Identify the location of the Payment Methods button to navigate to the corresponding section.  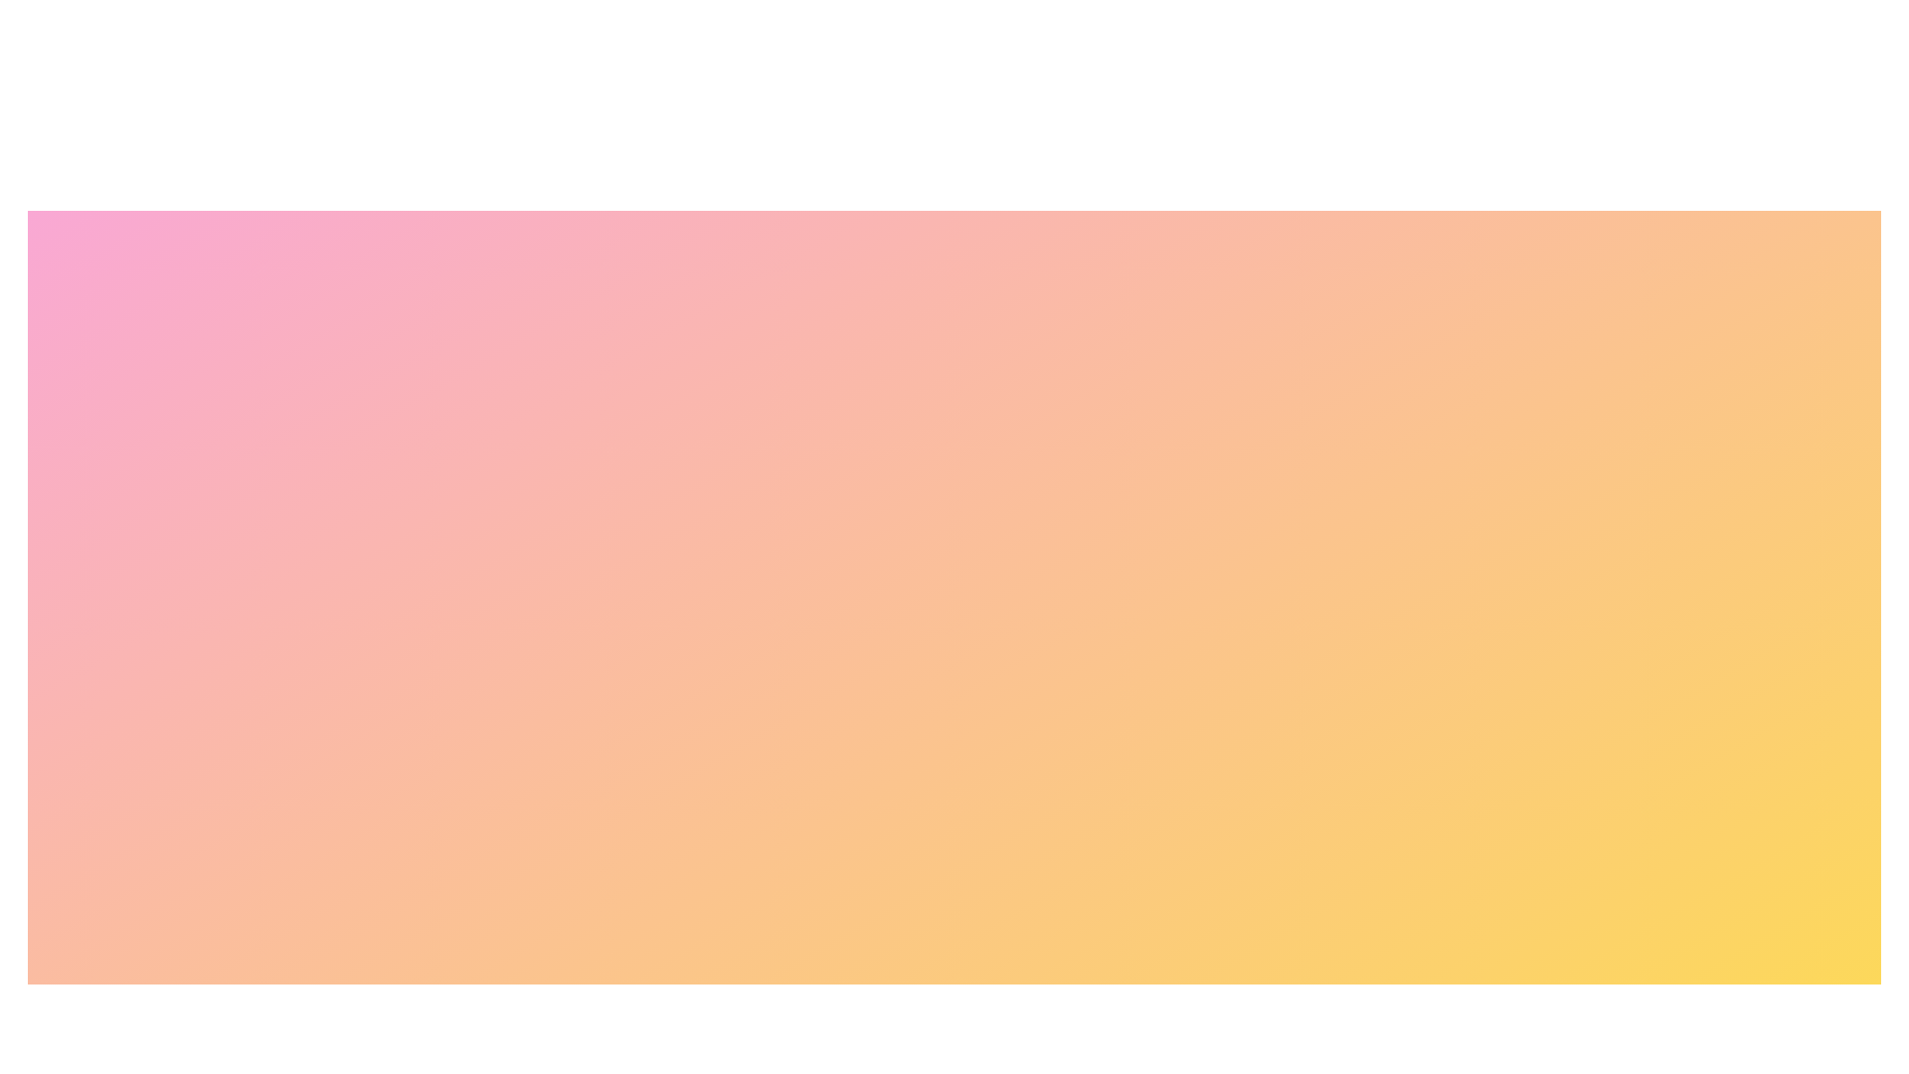
(1758, 1068).